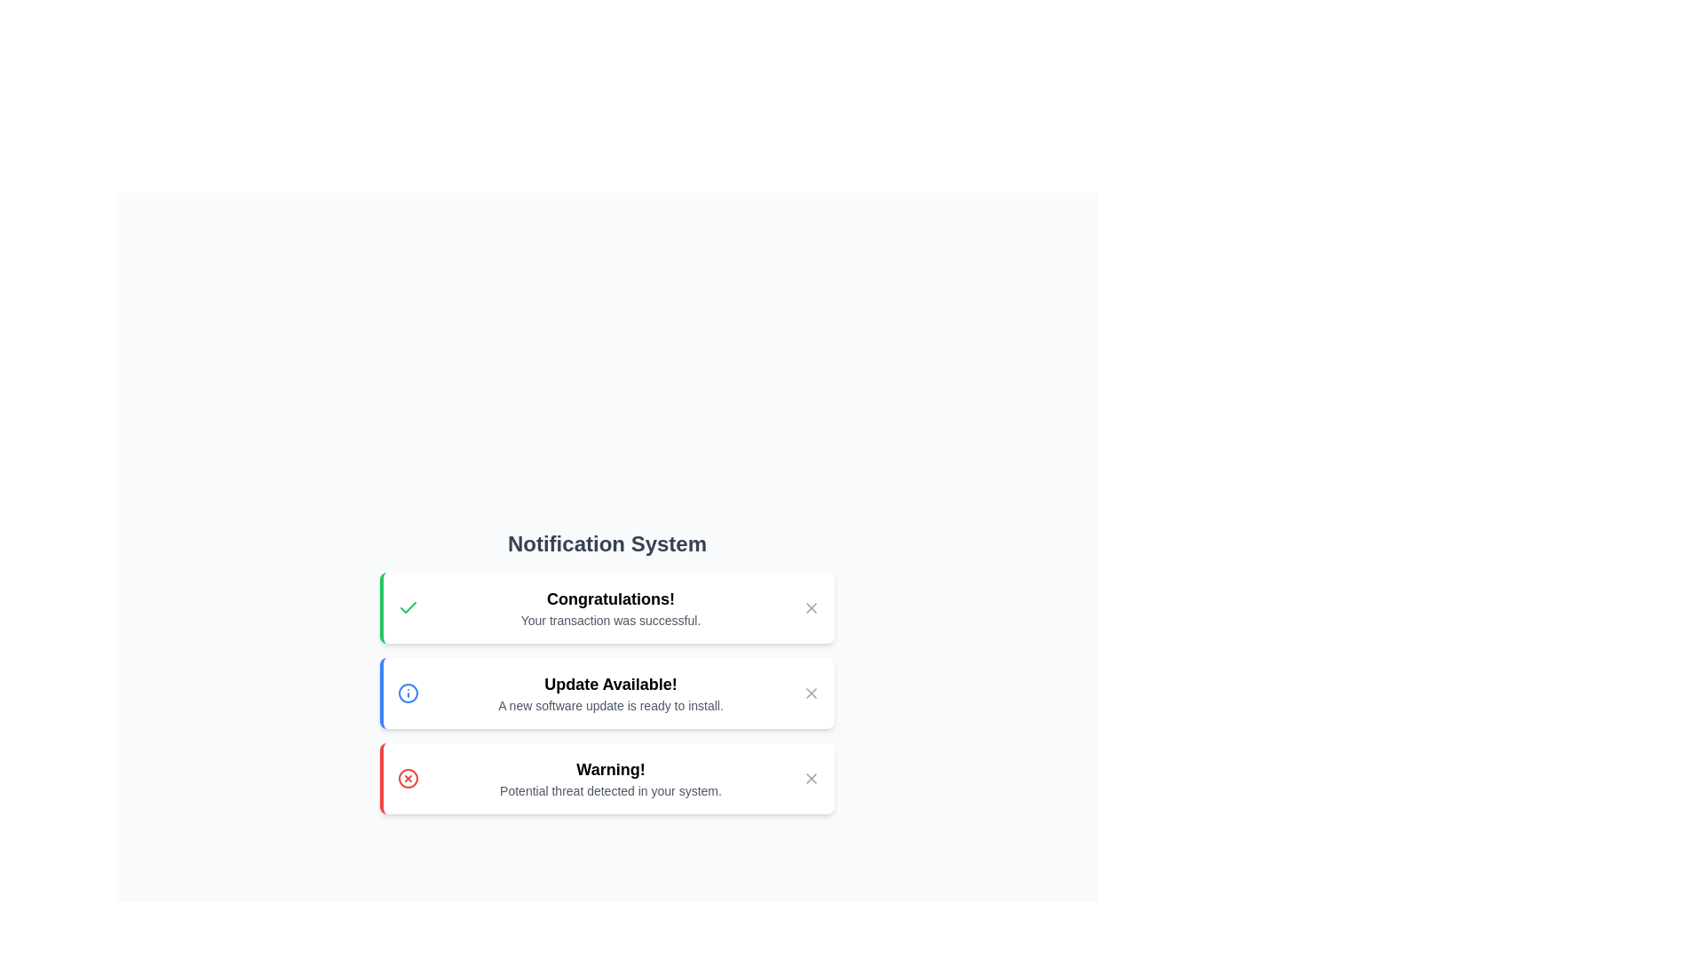  Describe the element at coordinates (408, 777) in the screenshot. I see `the warning icon located within the third notification card labeled 'Warning!', positioned next to the text 'Warning! Potential threat detected in your system.'` at that location.